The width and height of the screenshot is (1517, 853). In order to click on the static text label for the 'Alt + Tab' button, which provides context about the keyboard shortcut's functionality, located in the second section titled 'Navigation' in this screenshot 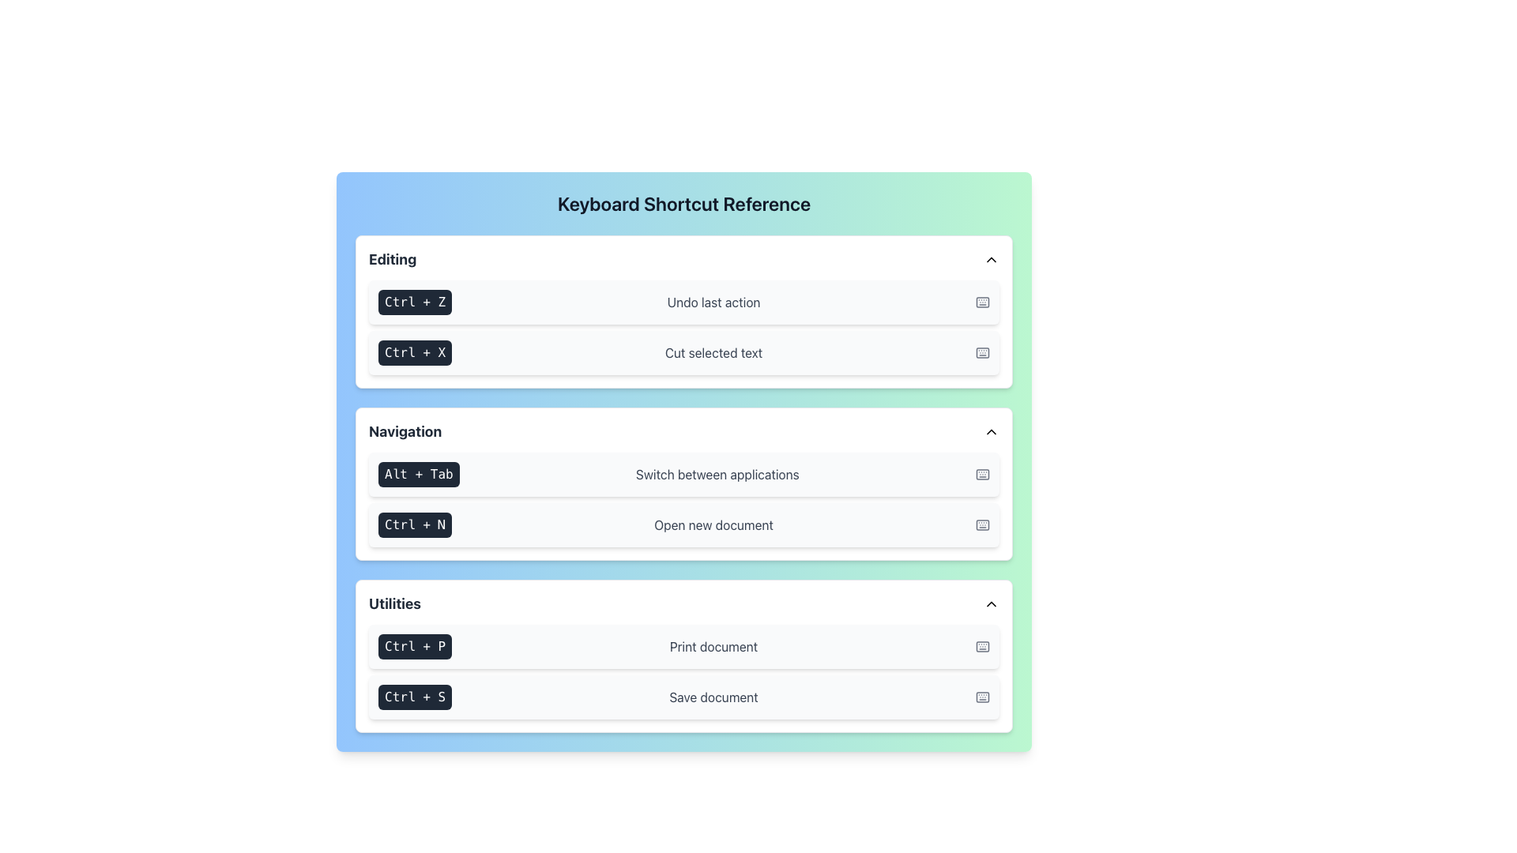, I will do `click(717, 474)`.